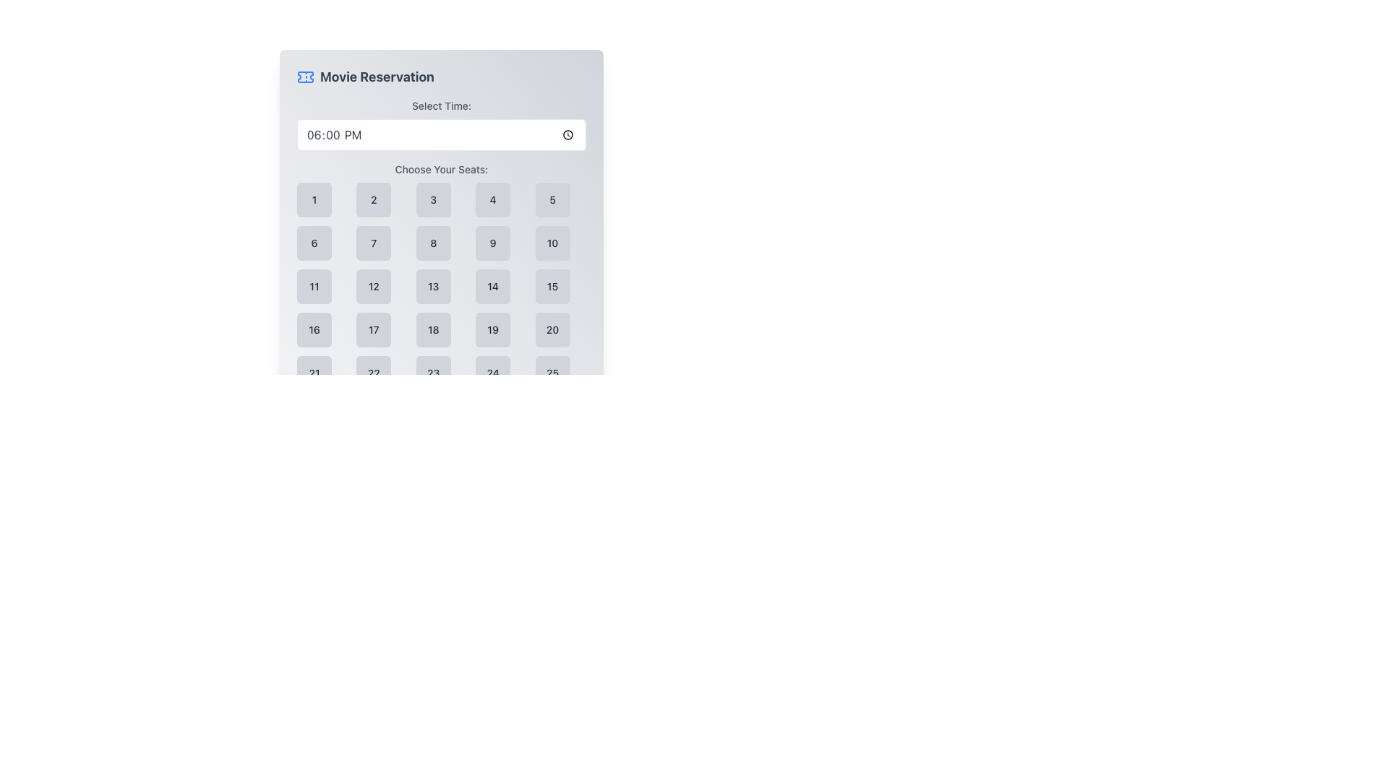 This screenshot has height=780, width=1388. Describe the element at coordinates (432, 372) in the screenshot. I see `the seat selection button located in the fifth row and third column of the 'Choose Your Seats' grid` at that location.